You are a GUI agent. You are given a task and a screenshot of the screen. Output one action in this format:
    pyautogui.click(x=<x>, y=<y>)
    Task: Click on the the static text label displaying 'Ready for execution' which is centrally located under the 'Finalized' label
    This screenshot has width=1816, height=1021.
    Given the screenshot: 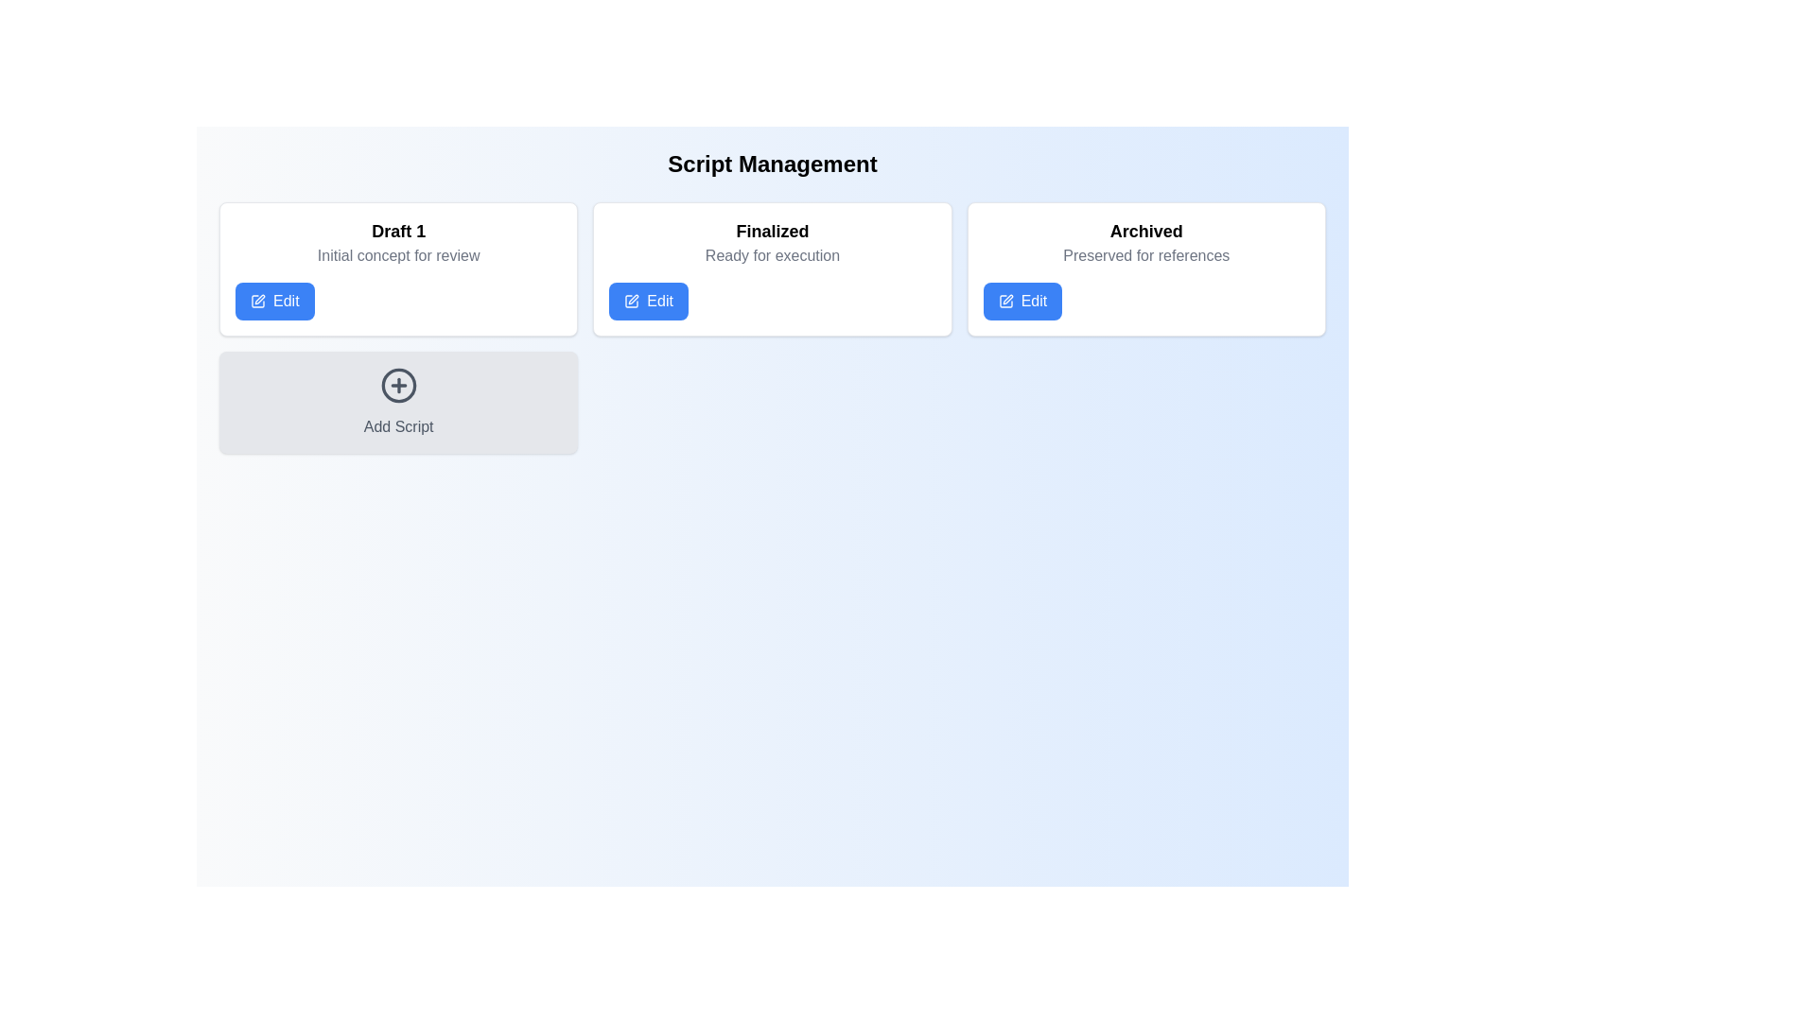 What is the action you would take?
    pyautogui.click(x=772, y=255)
    